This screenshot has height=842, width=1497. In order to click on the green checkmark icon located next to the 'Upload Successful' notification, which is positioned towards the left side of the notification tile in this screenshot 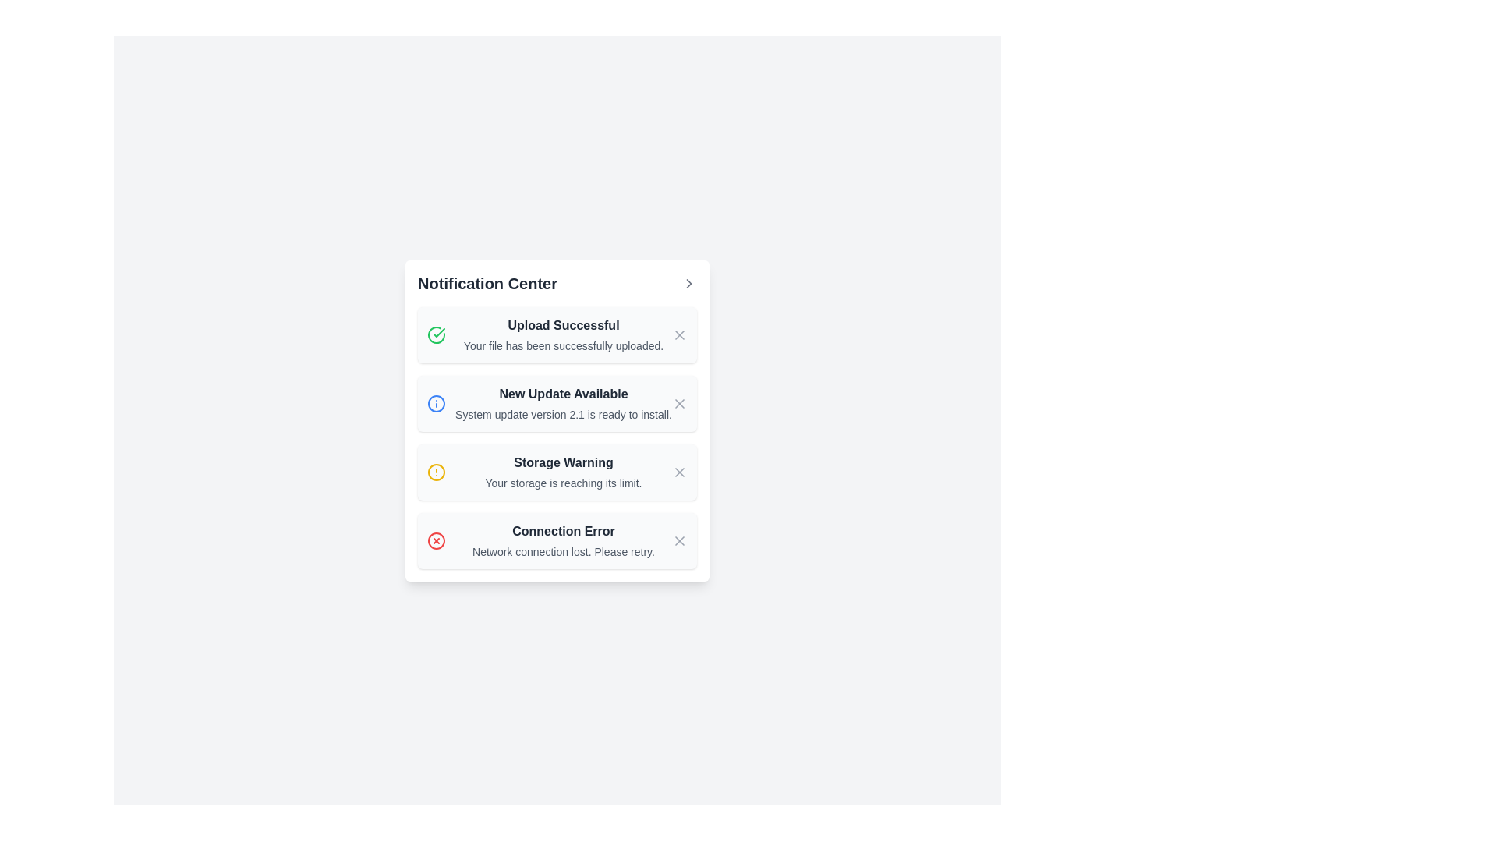, I will do `click(438, 331)`.